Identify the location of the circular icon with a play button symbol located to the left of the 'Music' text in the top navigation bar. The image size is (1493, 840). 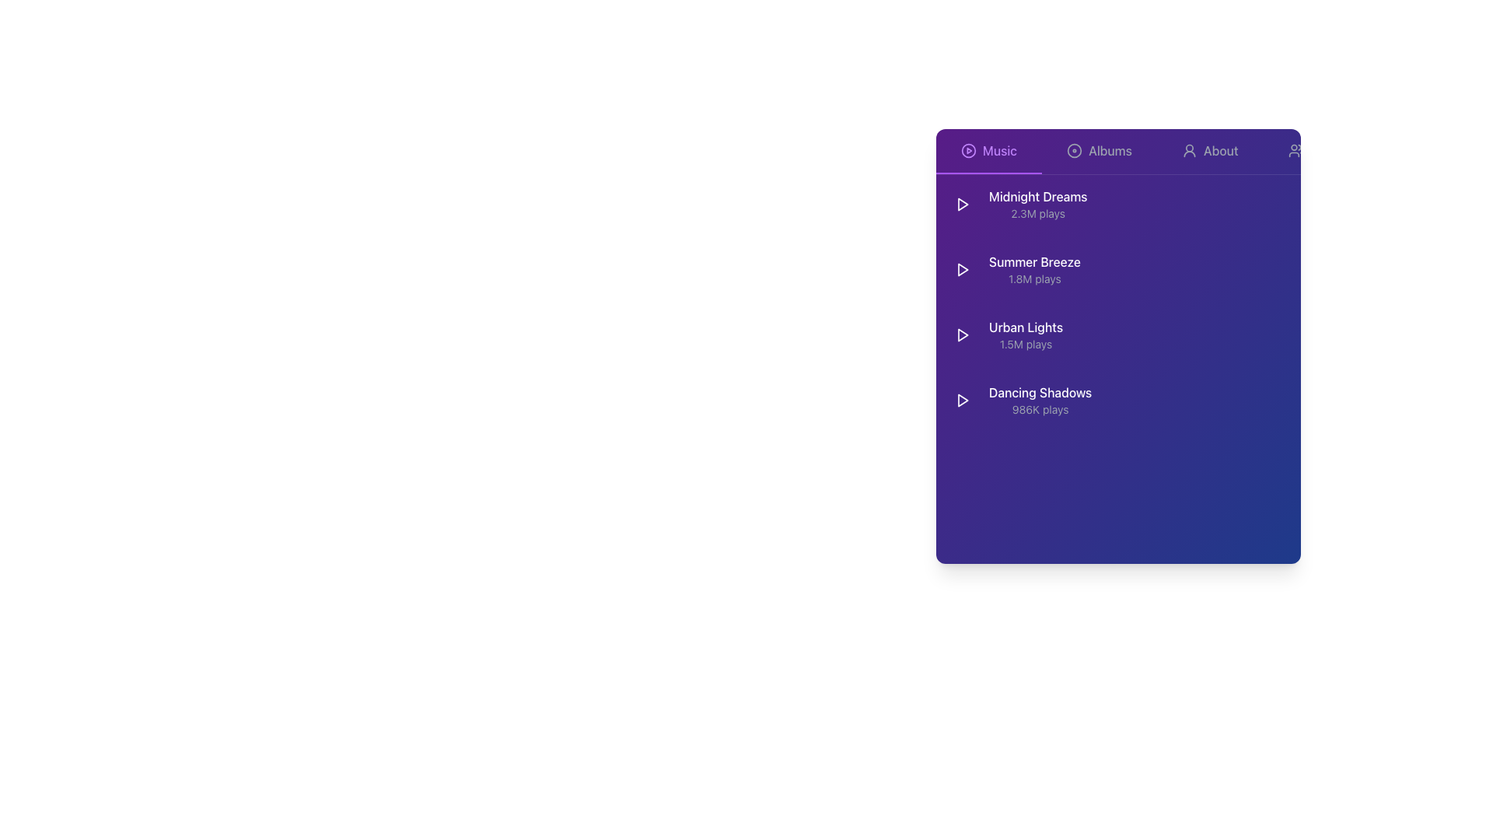
(968, 150).